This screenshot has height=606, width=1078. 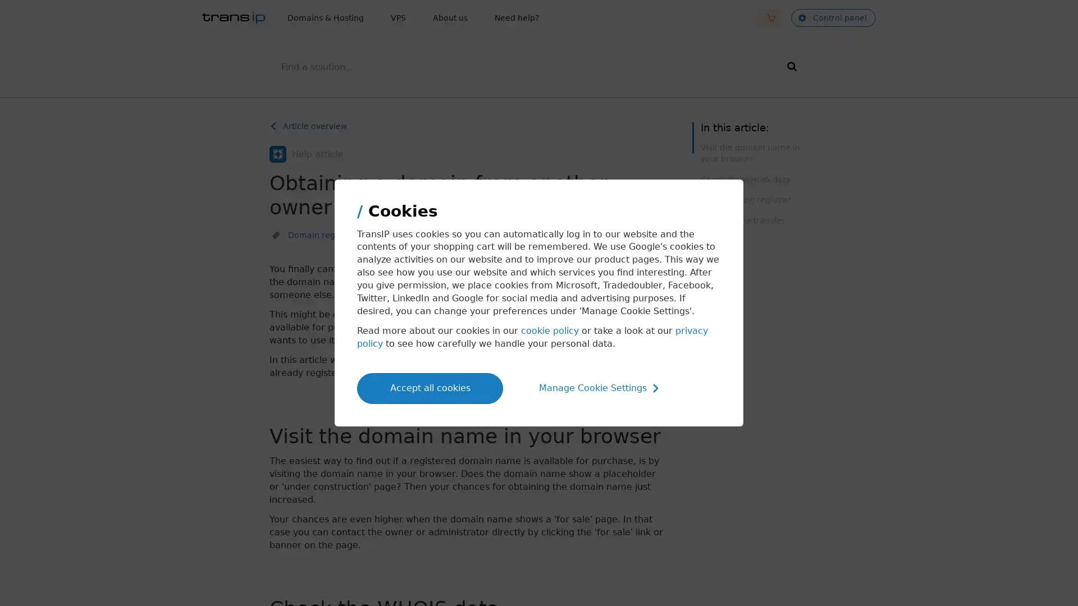 What do you see at coordinates (430, 387) in the screenshot?
I see `Accept all cookies` at bounding box center [430, 387].